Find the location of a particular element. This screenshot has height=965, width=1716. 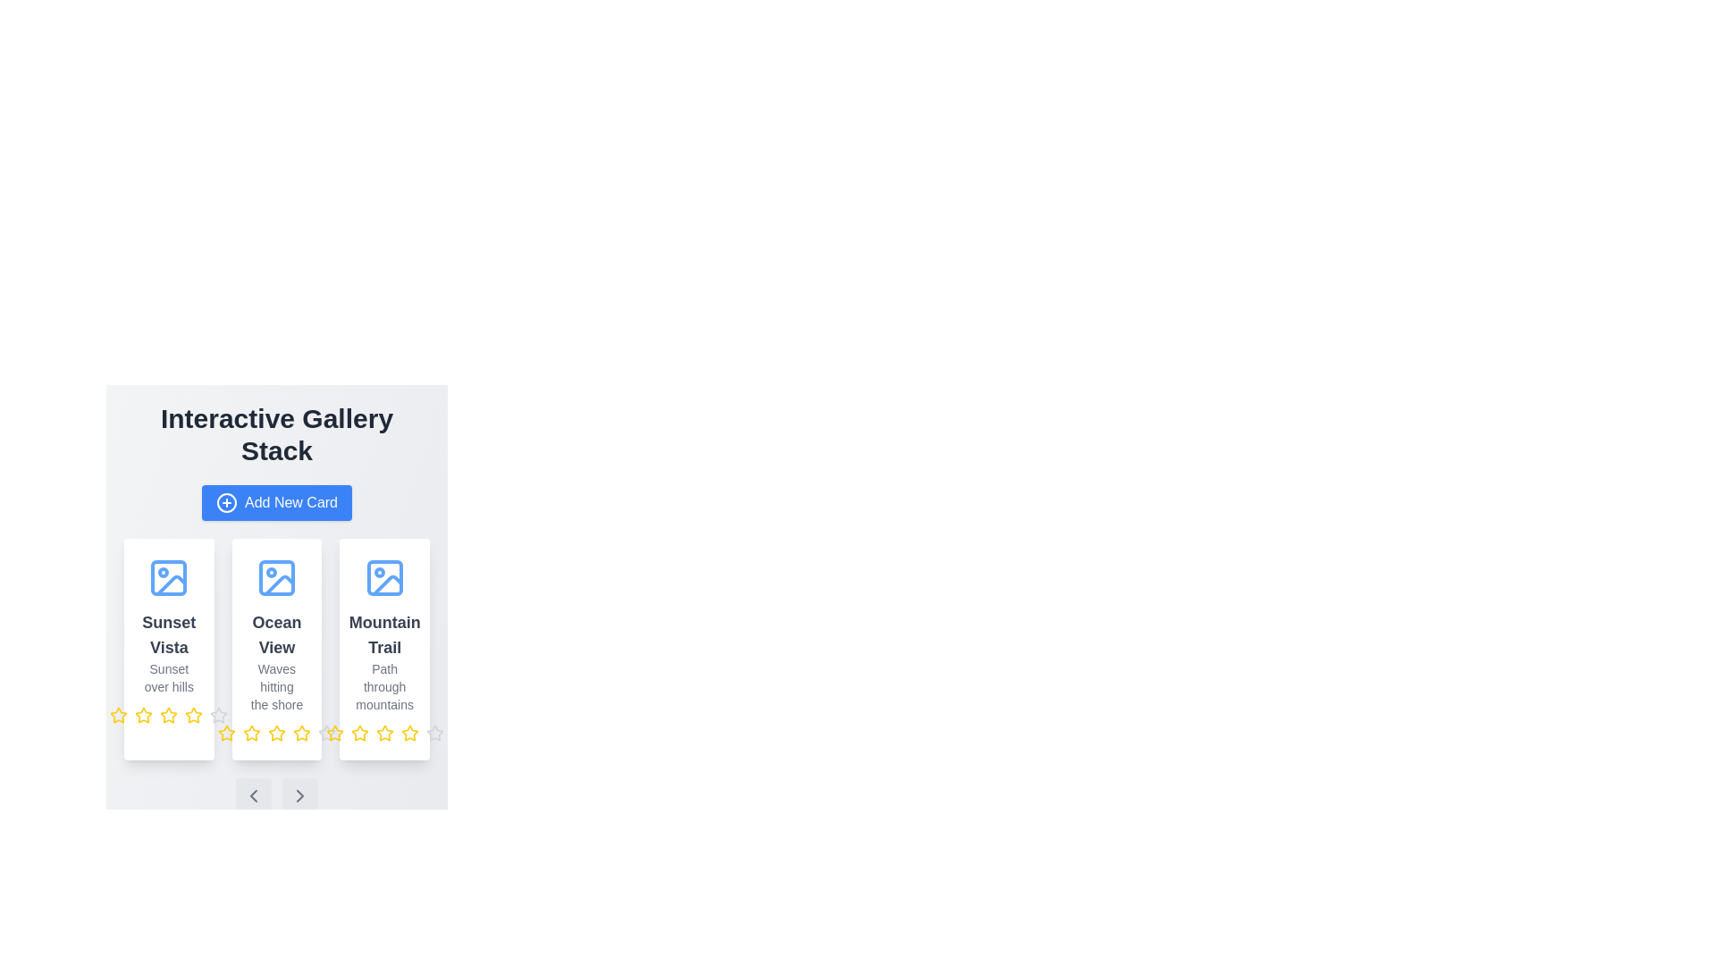

bold heading text 'Interactive Gallery Stack' located at the top of the panel, which is centrally aligned and precedes the blue button labeled 'Add New Card' is located at coordinates (276, 434).